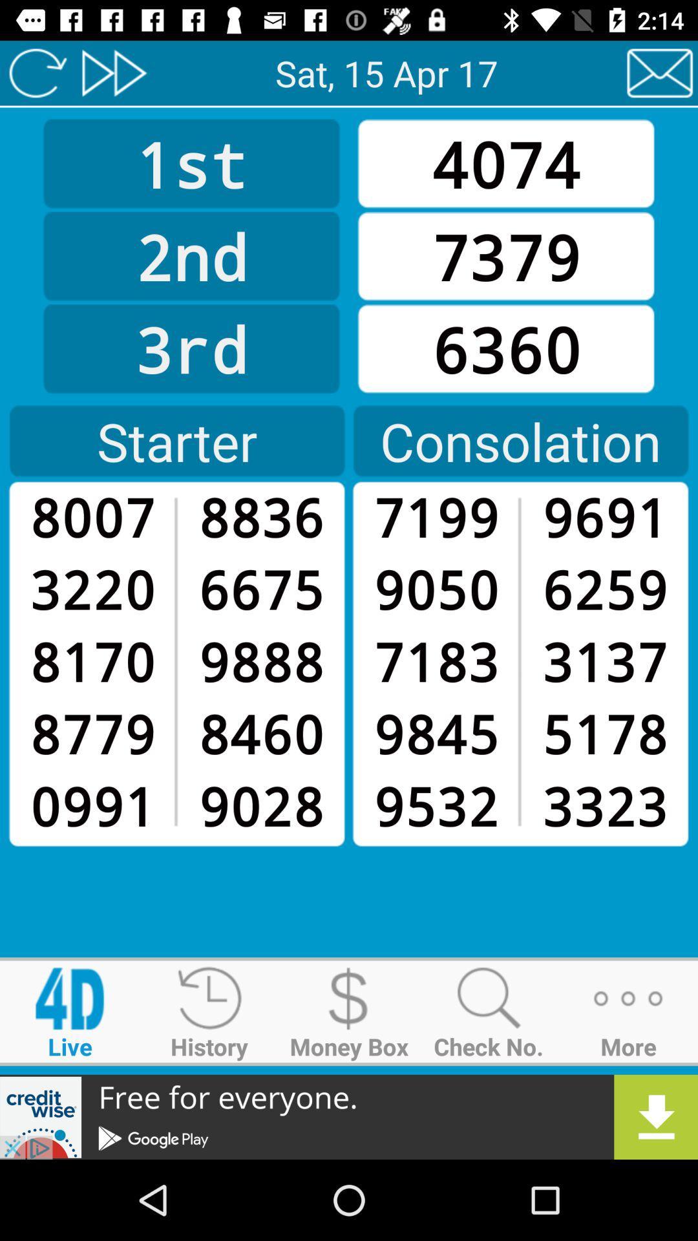  Describe the element at coordinates (113, 72) in the screenshot. I see `fast forward` at that location.